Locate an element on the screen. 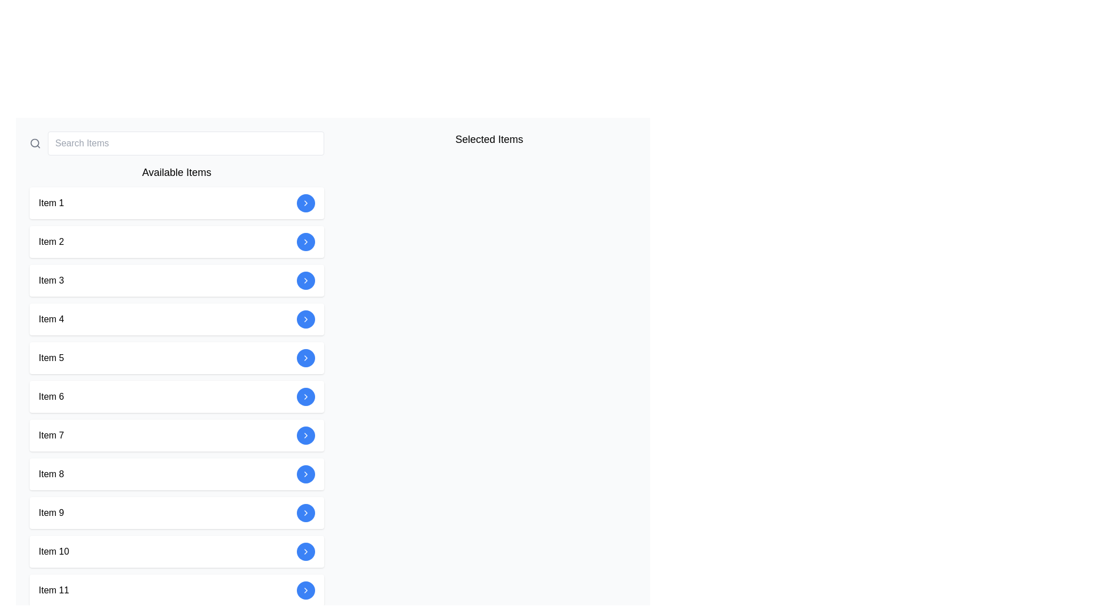 The width and height of the screenshot is (1094, 615). the arrow icon styled as a chevron pointing right, which is part of the button associated with 'Item 7' in the 'Available Items' list for visual feedback is located at coordinates (305, 435).